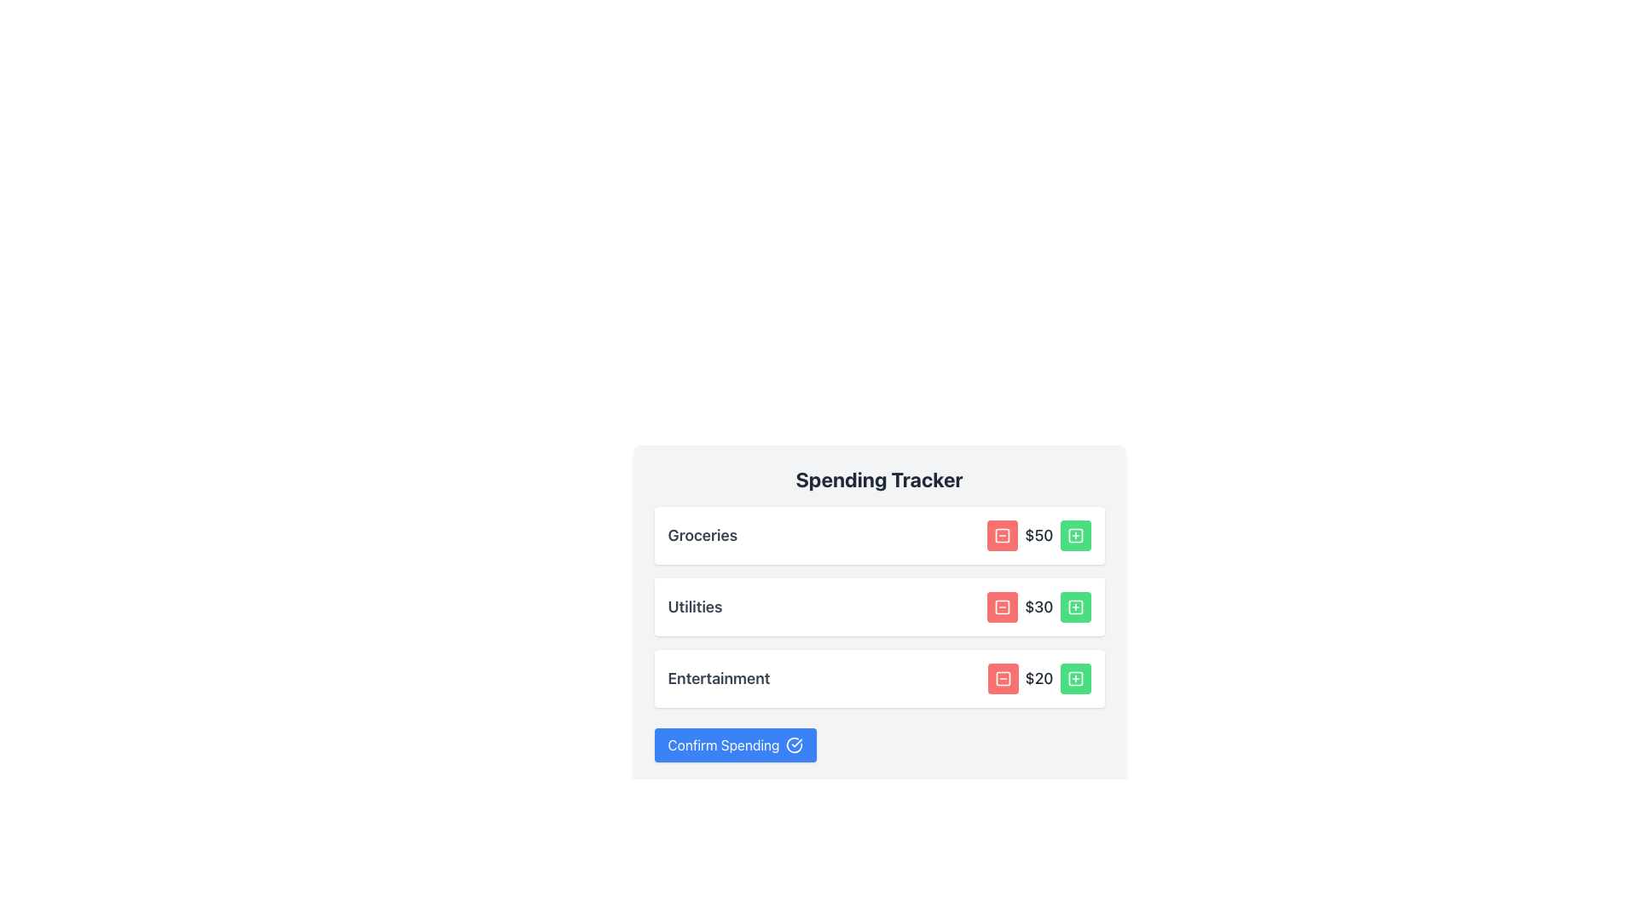 The image size is (1637, 920). Describe the element at coordinates (879, 678) in the screenshot. I see `the List item labeled 'Entertainment' in the Spending Tracker` at that location.